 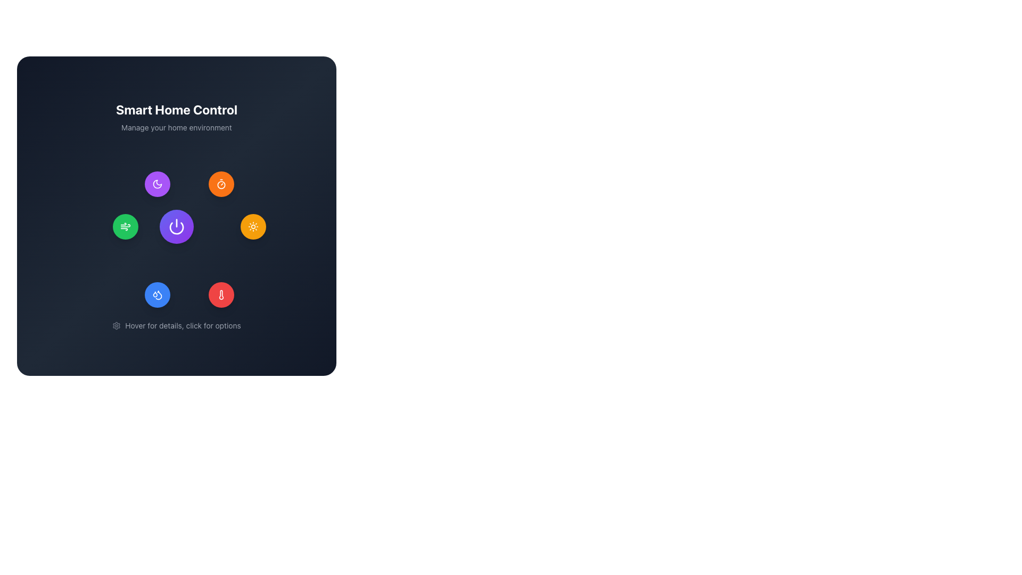 I want to click on the timer button located as the second icon from the left in the top row of circular icons, just below the 'Smart Home Control' title, so click(x=221, y=184).